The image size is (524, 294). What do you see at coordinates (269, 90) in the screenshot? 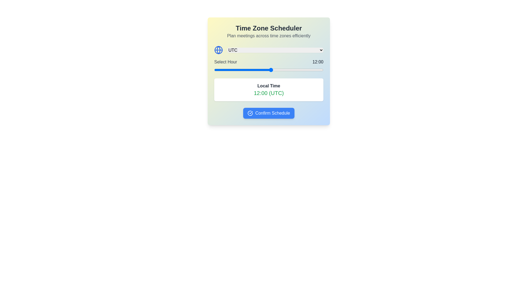
I see `the informative text block that displays the local time, located centrally beneath the 'Select Hour' section and above the 'Confirm Schedule' button` at bounding box center [269, 90].